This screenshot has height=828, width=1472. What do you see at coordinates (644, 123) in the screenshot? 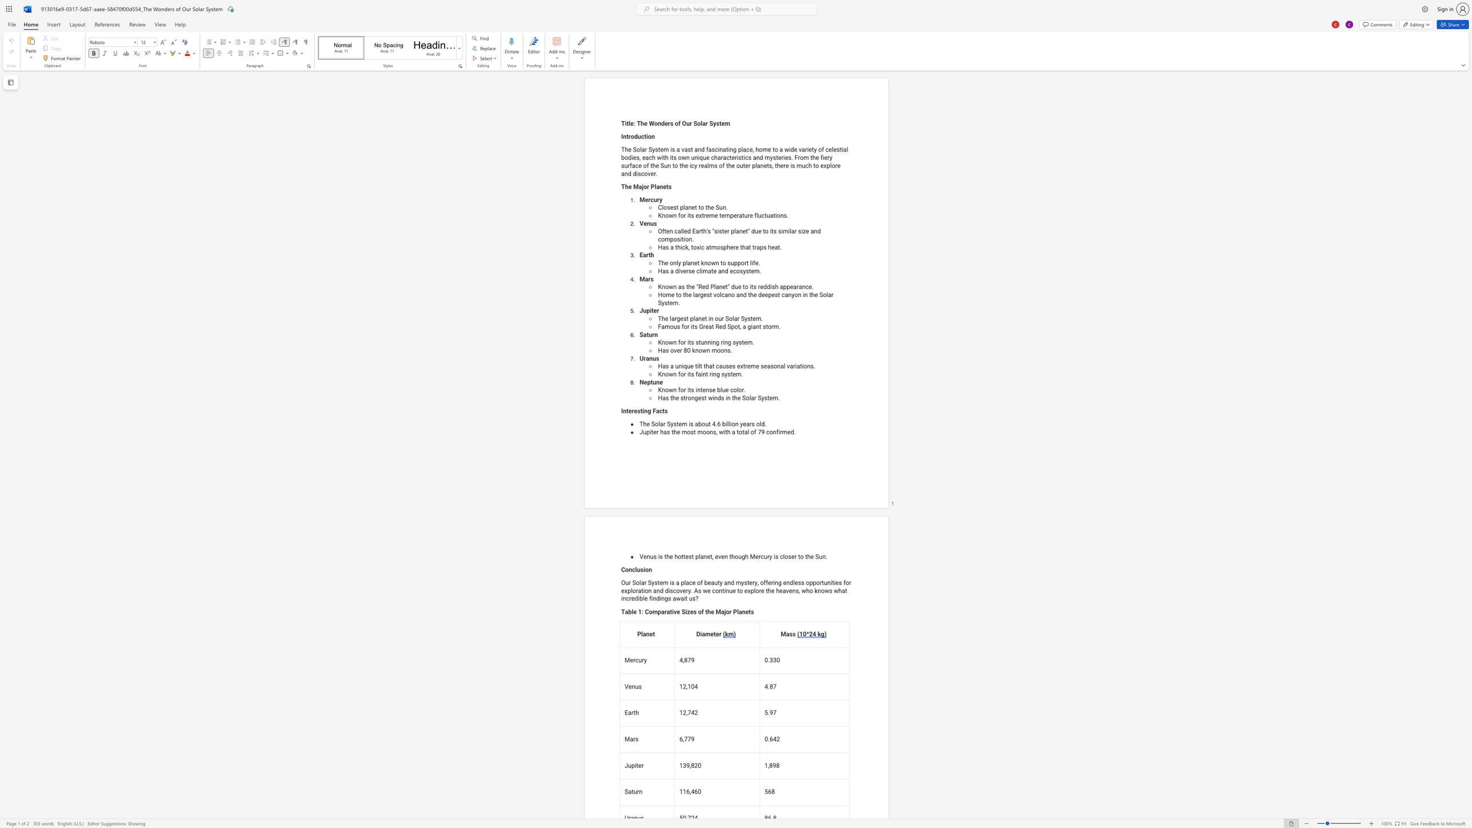
I see `the subset text "e Wonders of" within the text "Title: The Wonders of Our Solar System"` at bounding box center [644, 123].